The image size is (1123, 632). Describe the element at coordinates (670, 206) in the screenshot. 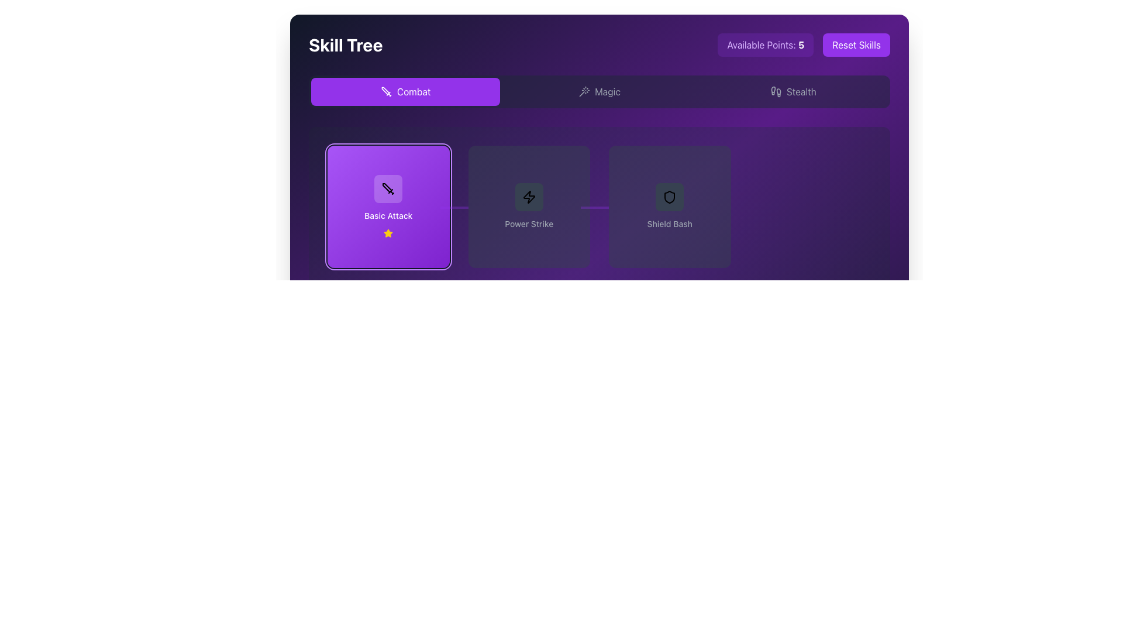

I see `the 'Shield Bash' skill button, which features a dark gray background with a black shield icon and light gray text beneath it` at that location.